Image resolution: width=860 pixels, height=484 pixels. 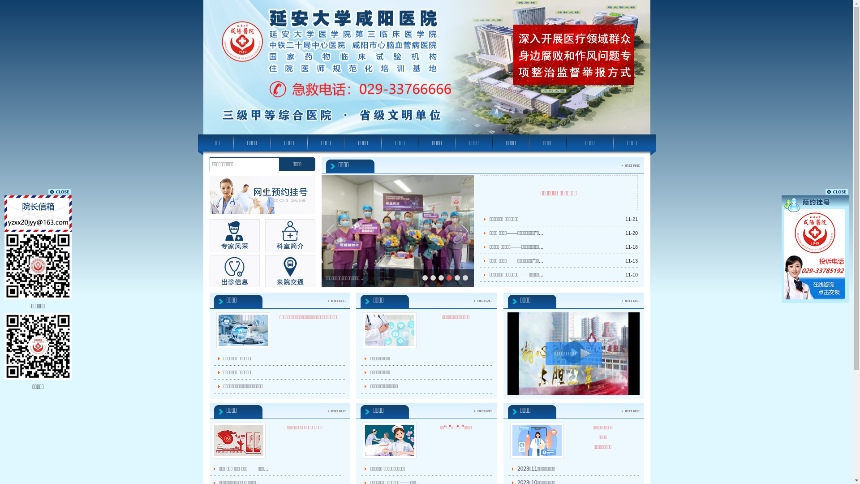 I want to click on '11-20', so click(x=625, y=233).